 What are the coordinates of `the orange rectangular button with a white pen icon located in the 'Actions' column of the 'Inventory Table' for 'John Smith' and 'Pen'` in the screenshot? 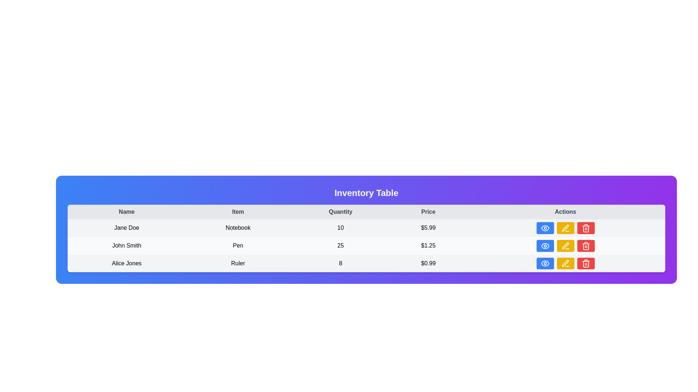 It's located at (565, 245).